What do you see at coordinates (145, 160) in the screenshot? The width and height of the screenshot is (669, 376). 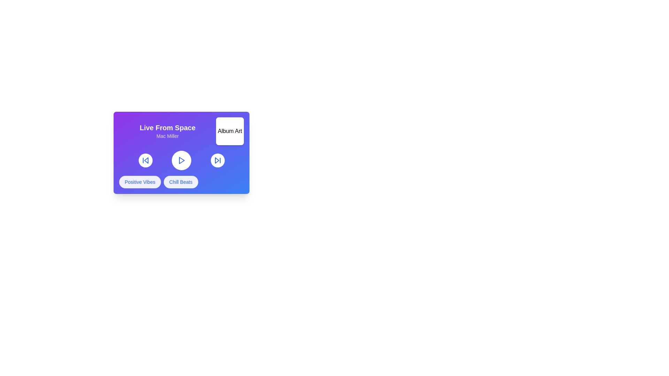 I see `the skip-backward button located in the bottom-left corner of the media player controls` at bounding box center [145, 160].